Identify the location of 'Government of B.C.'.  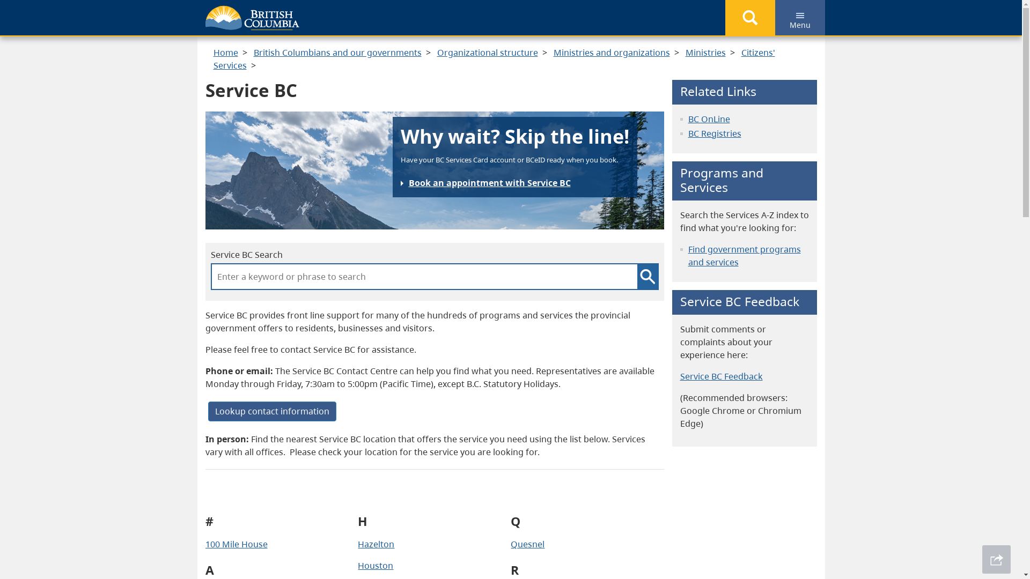
(251, 18).